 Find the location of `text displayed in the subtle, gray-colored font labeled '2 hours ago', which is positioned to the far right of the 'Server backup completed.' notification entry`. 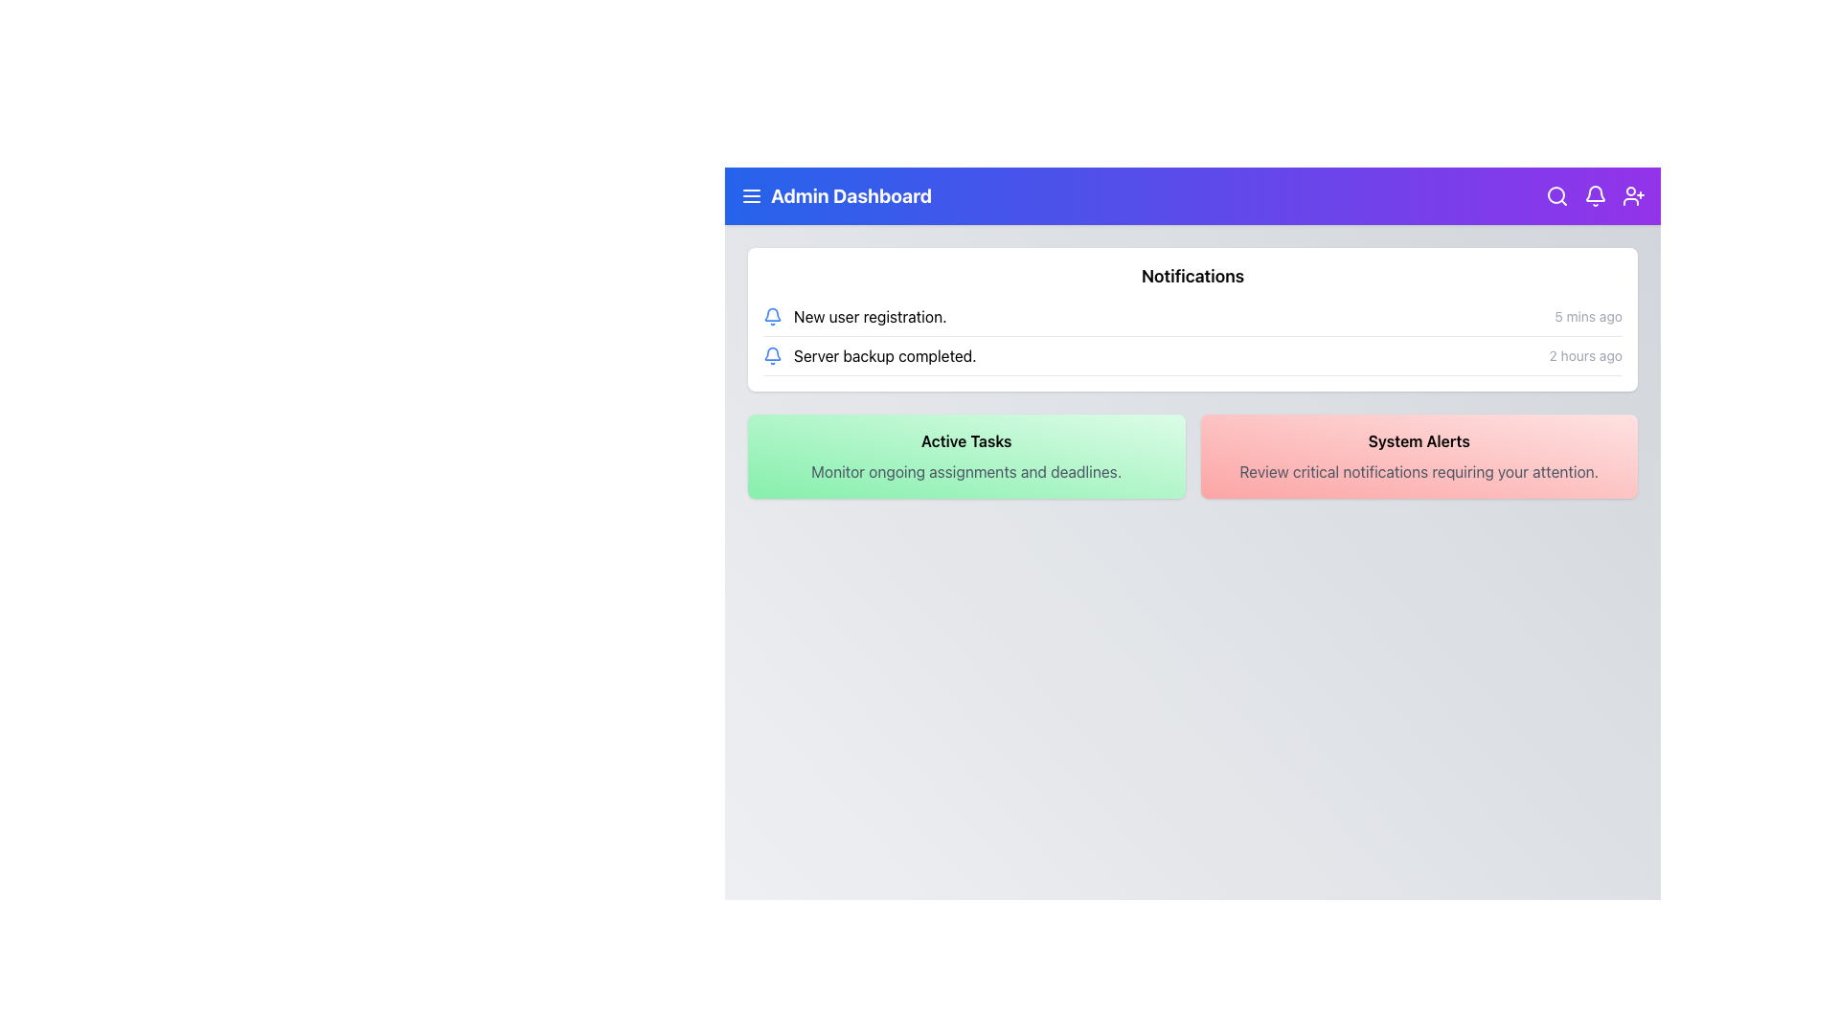

text displayed in the subtle, gray-colored font labeled '2 hours ago', which is positioned to the far right of the 'Server backup completed.' notification entry is located at coordinates (1585, 355).